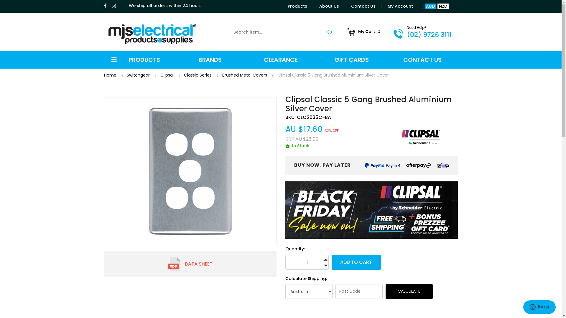 This screenshot has height=318, width=566. Describe the element at coordinates (222, 74) in the screenshot. I see `'Brushed Metal Covers'` at that location.